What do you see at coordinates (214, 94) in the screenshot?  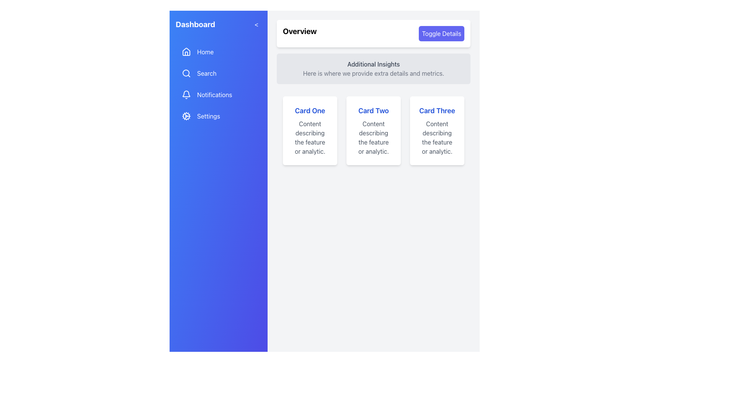 I see `the 'Notifications' text label in the vertical navigation sidebar, which is the third item following 'Home' and 'Search', and preceding 'Settings'` at bounding box center [214, 94].